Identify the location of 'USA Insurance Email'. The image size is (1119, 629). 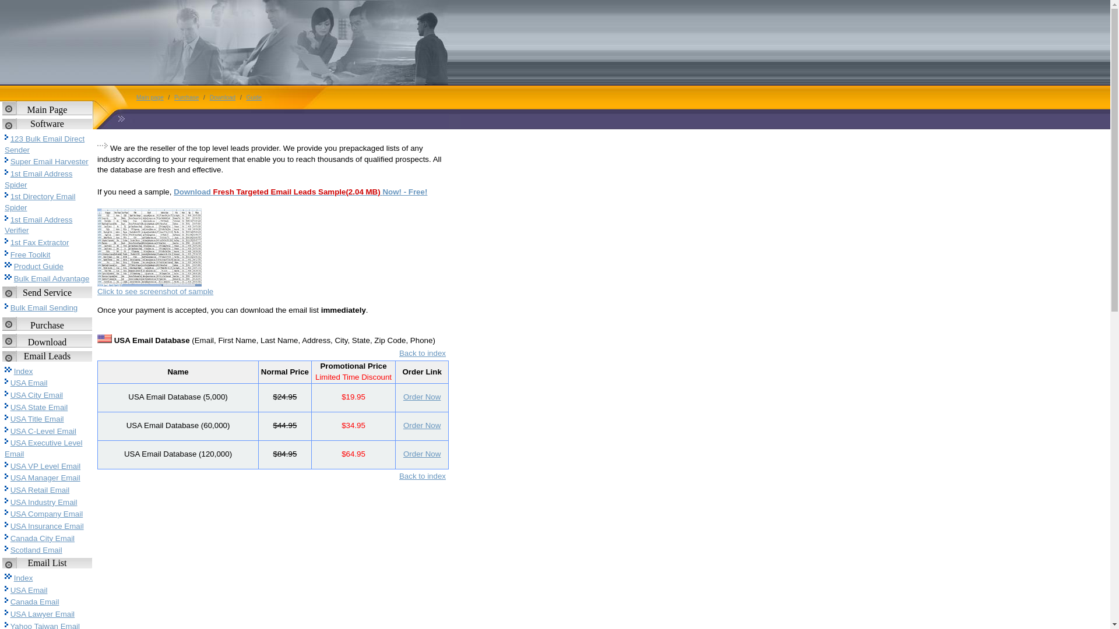
(47, 526).